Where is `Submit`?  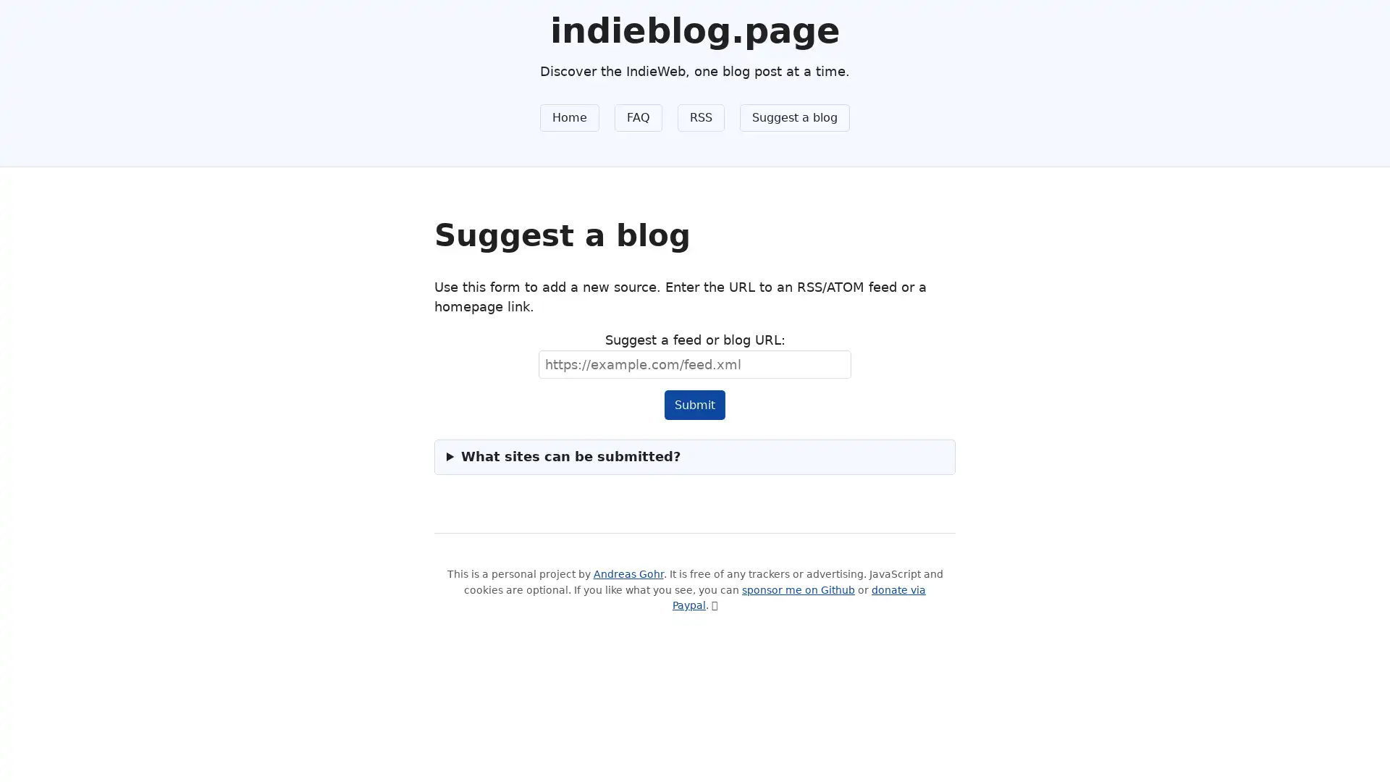
Submit is located at coordinates (694, 405).